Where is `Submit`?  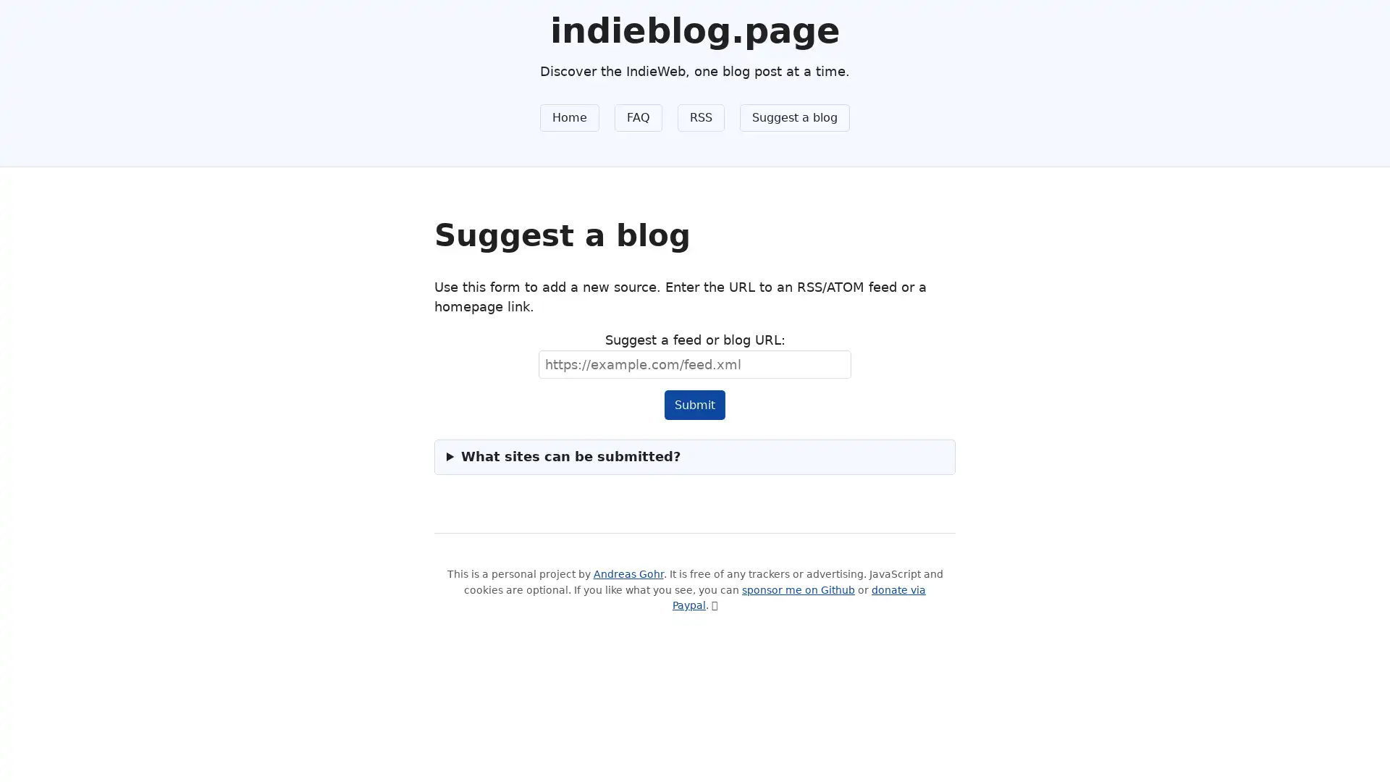
Submit is located at coordinates (694, 405).